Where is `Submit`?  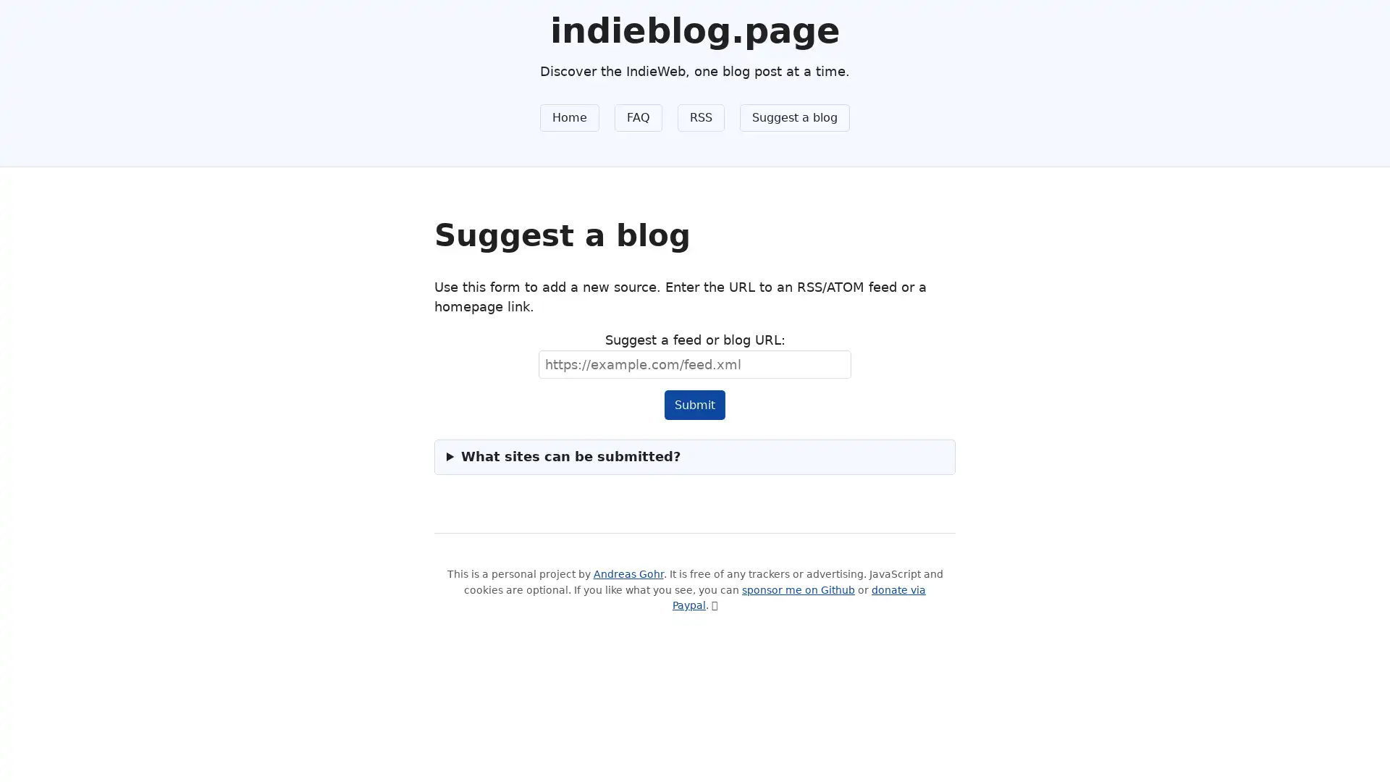
Submit is located at coordinates (694, 405).